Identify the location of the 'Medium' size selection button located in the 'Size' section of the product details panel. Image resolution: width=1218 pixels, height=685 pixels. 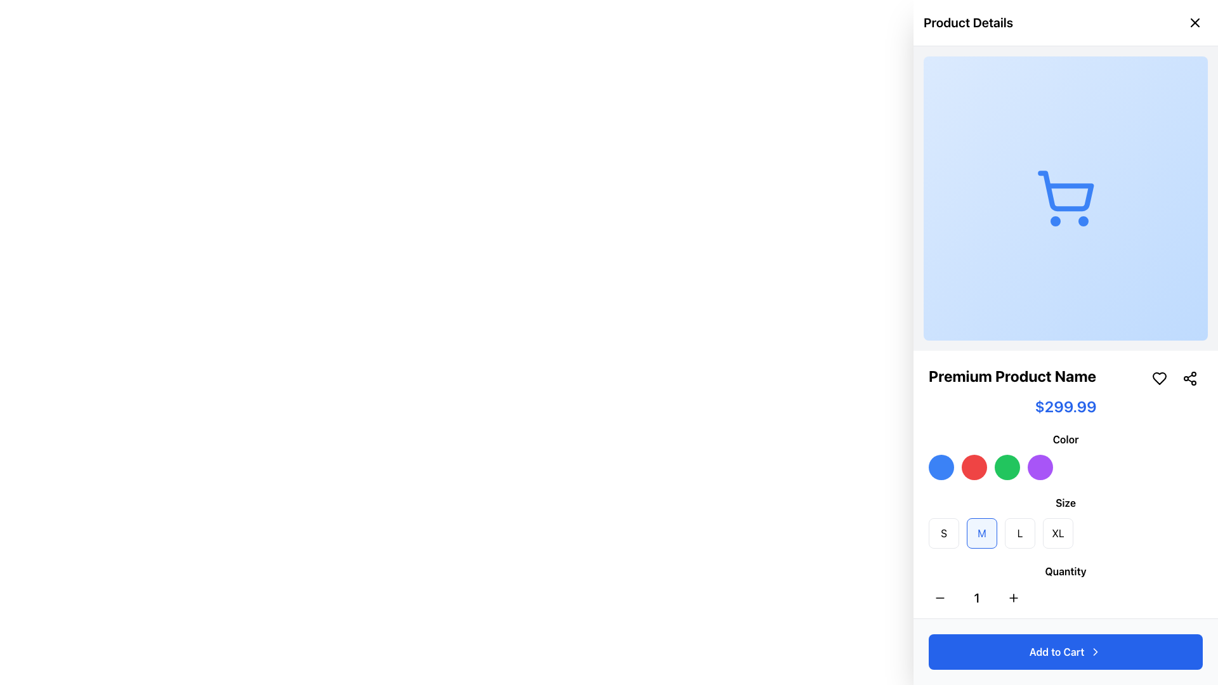
(981, 533).